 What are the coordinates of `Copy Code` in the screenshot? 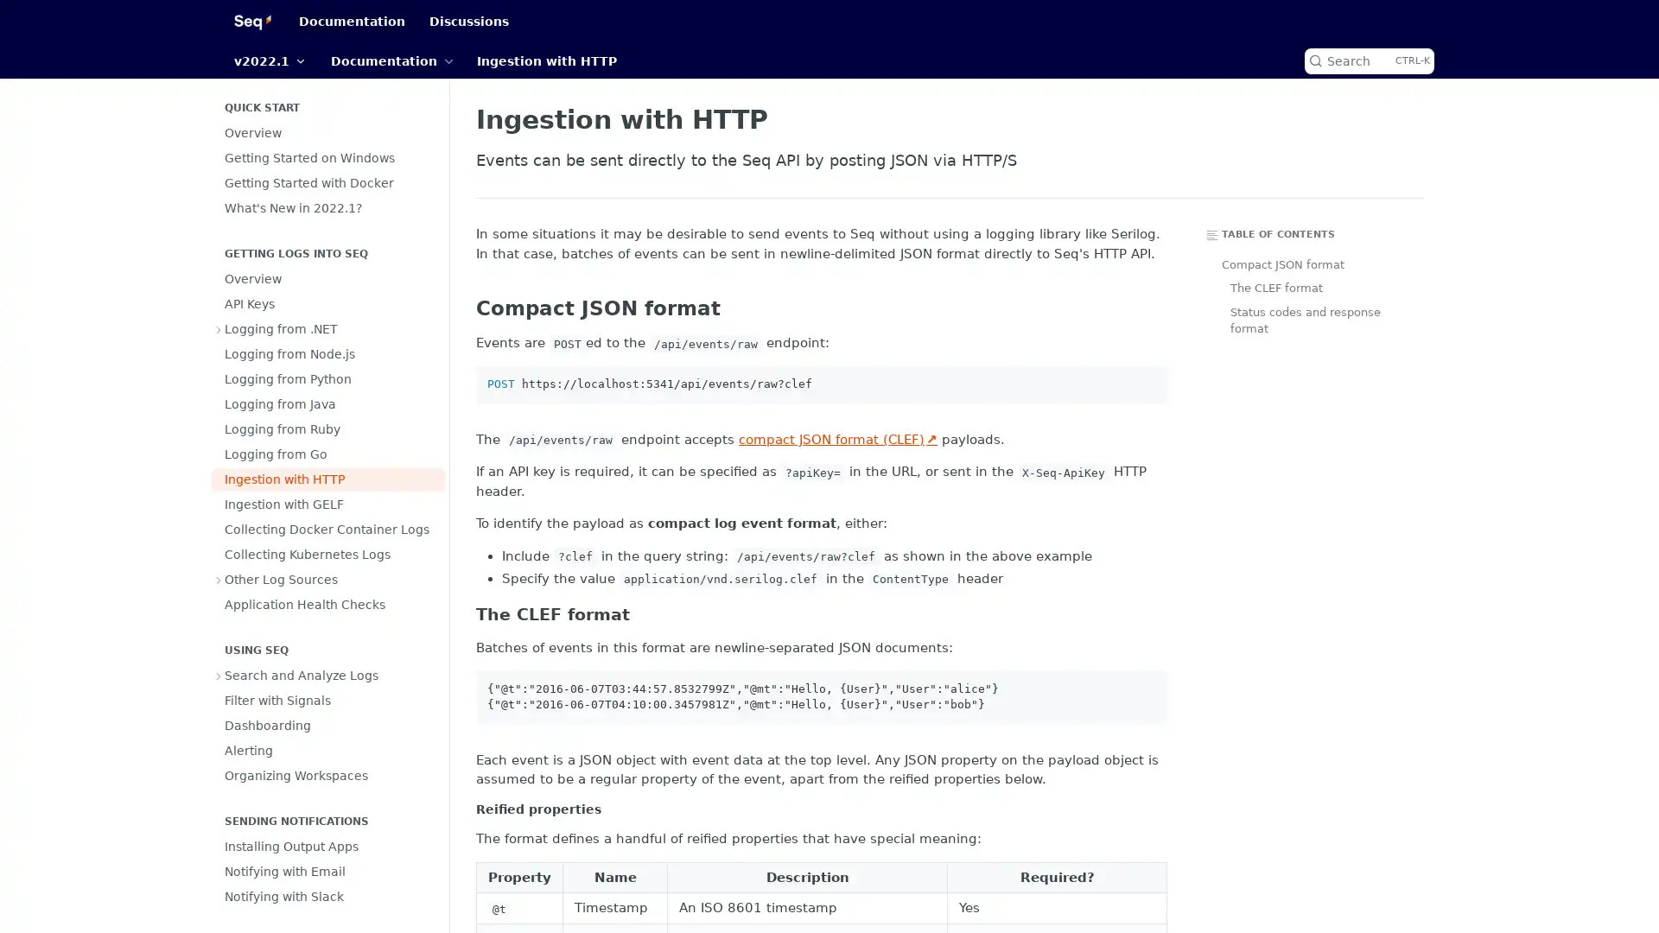 It's located at (1147, 383).